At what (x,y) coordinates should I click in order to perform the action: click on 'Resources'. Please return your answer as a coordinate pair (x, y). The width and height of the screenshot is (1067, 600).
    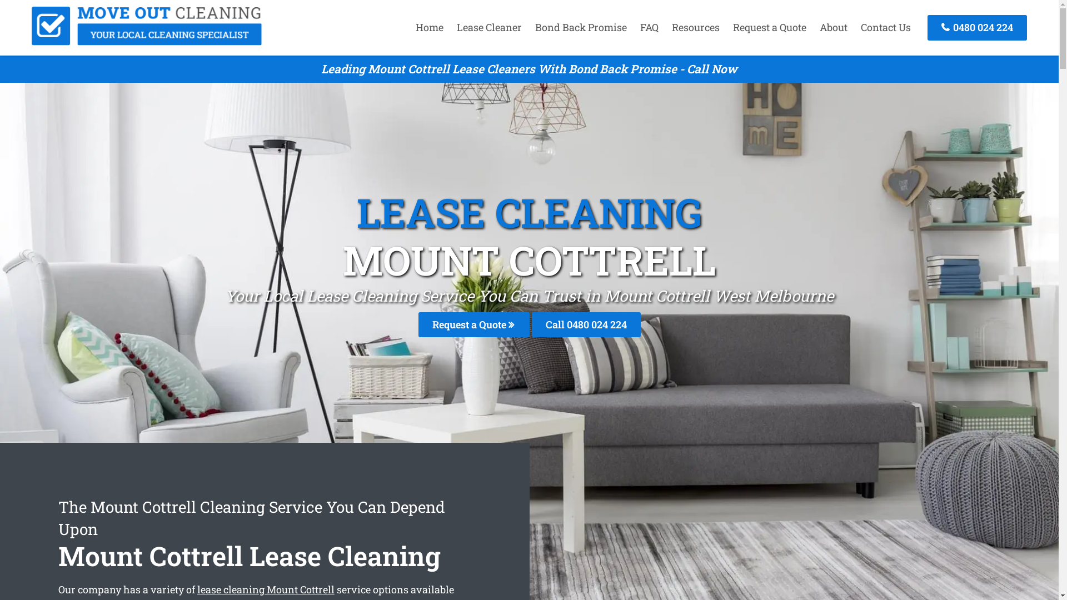
    Looking at the image, I should click on (695, 27).